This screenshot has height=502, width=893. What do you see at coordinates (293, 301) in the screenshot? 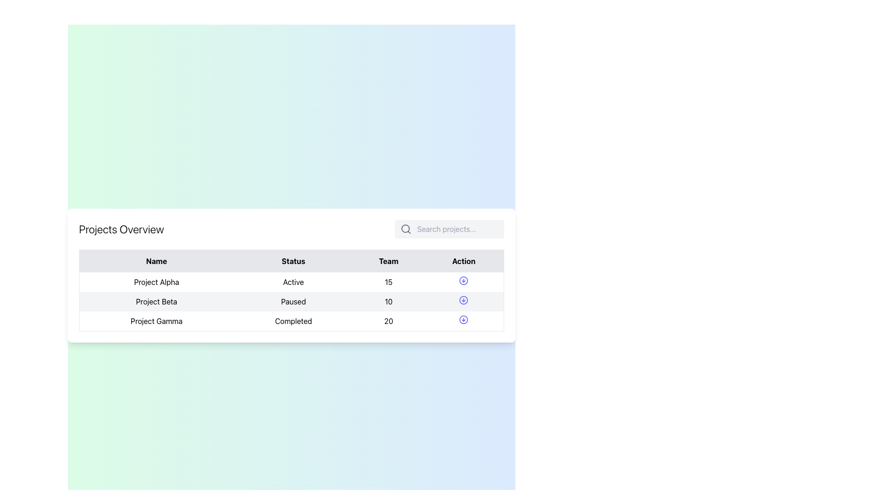
I see `the text label reading 'Paused' in the second row of the table located in the 'Status' column` at bounding box center [293, 301].